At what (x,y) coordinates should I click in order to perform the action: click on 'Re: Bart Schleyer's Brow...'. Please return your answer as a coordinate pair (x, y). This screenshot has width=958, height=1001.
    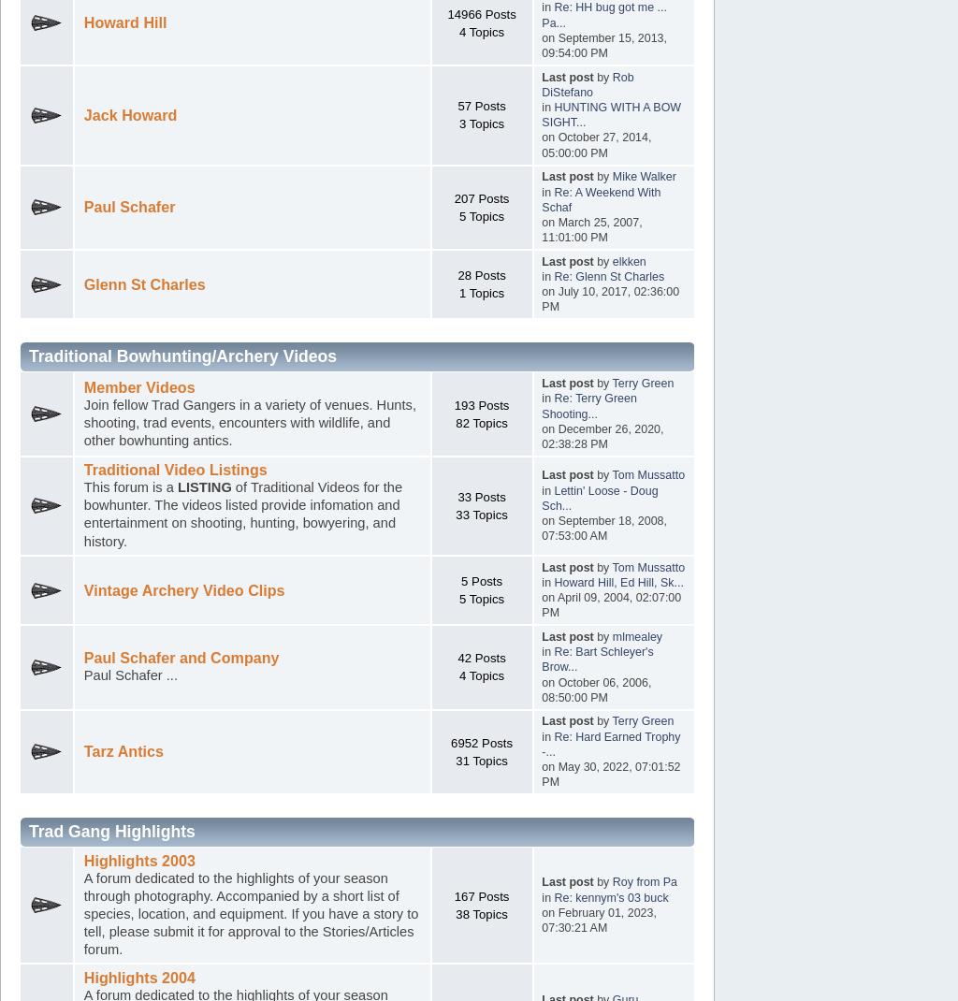
    Looking at the image, I should click on (597, 660).